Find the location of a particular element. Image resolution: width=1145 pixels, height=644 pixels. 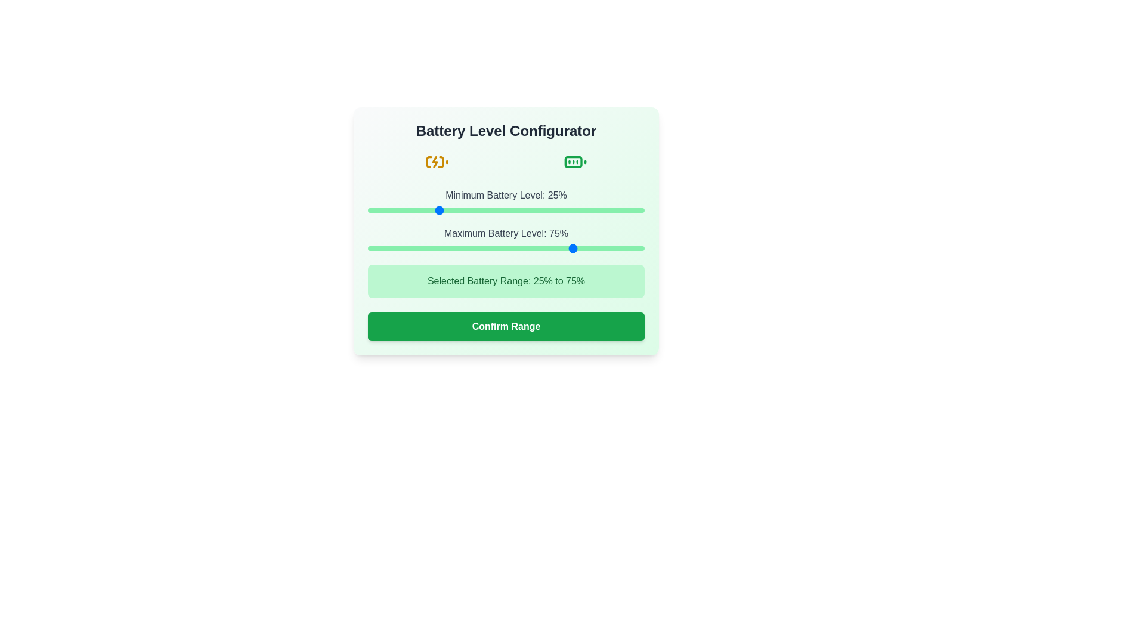

the minimum battery level is located at coordinates (533, 210).